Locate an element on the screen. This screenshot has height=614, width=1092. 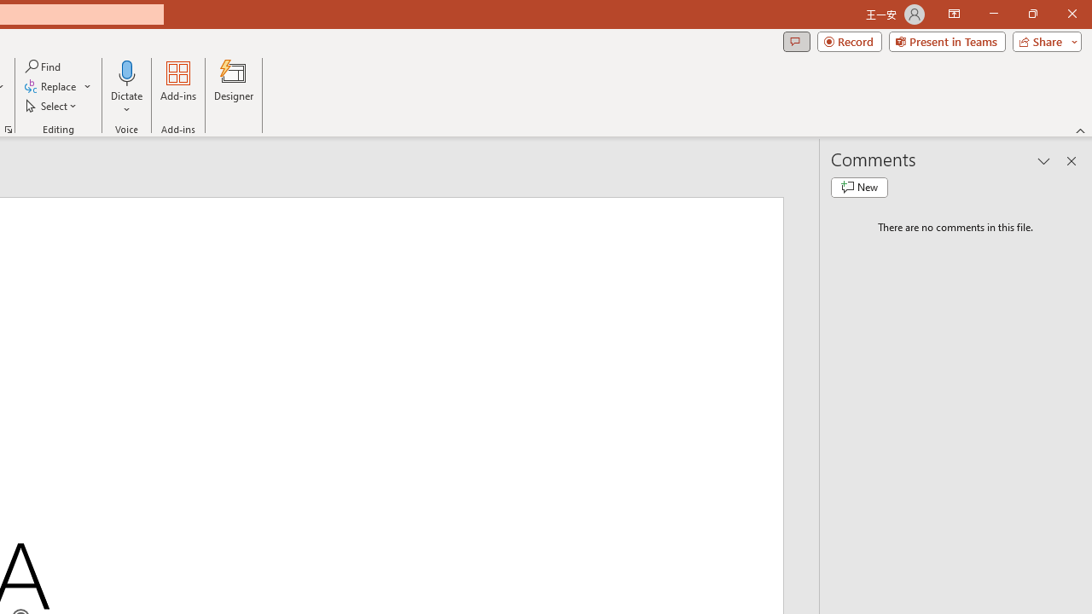
'Select' is located at coordinates (52, 106).